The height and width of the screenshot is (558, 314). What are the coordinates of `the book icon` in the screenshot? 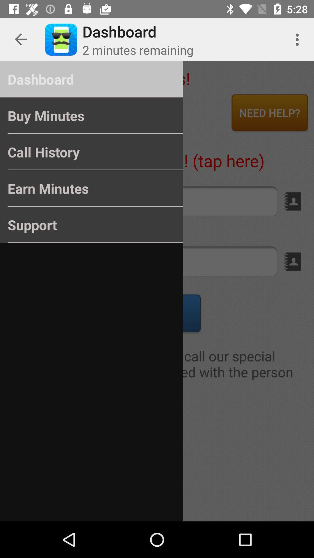 It's located at (292, 201).